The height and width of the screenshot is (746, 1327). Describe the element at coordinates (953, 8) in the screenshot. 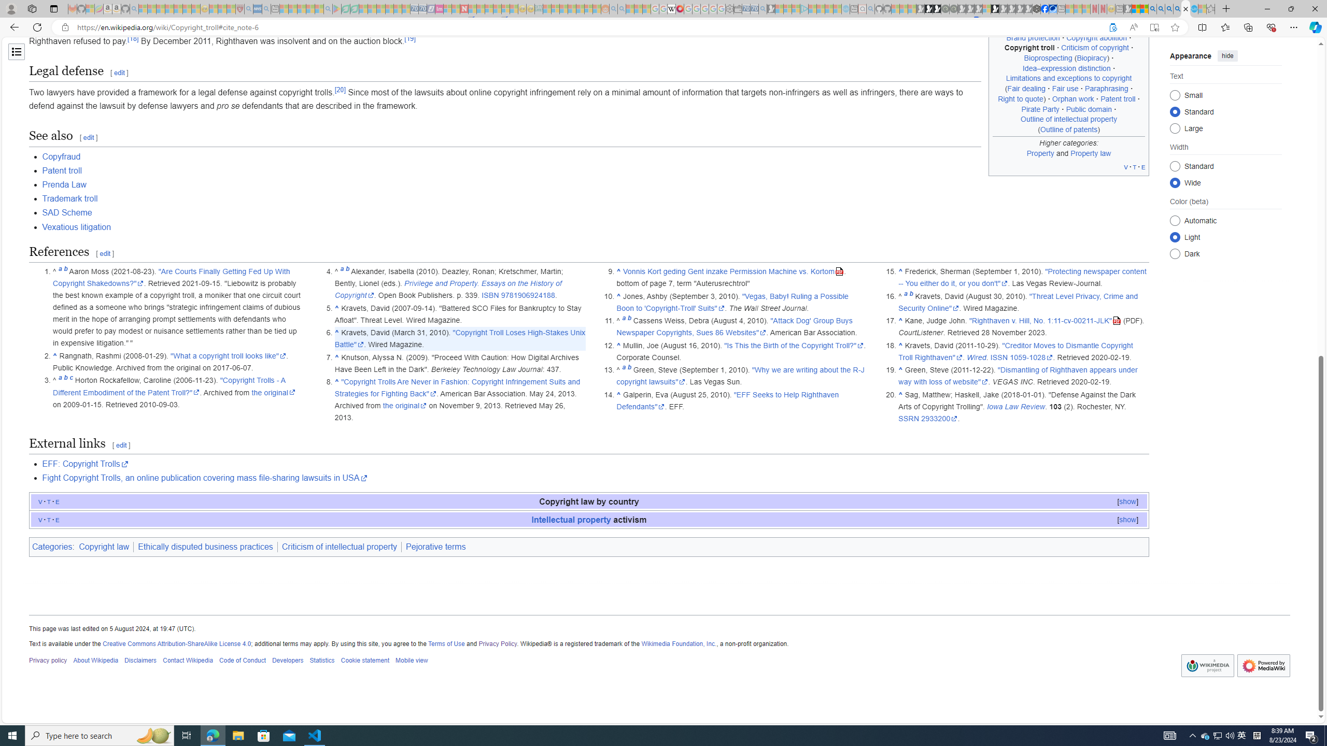

I see `'Future Focus Report 2024 - Sleeping'` at that location.